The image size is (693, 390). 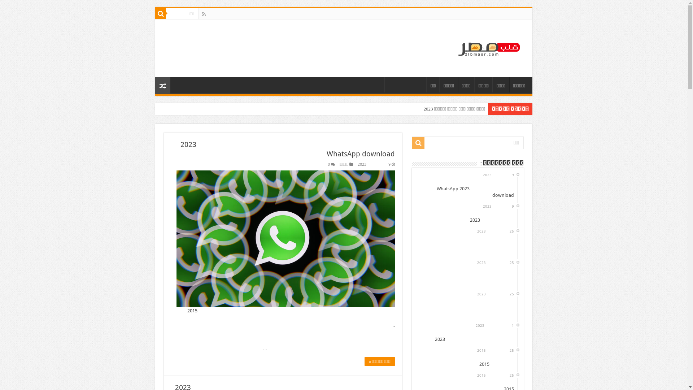 I want to click on '0', so click(x=328, y=164).